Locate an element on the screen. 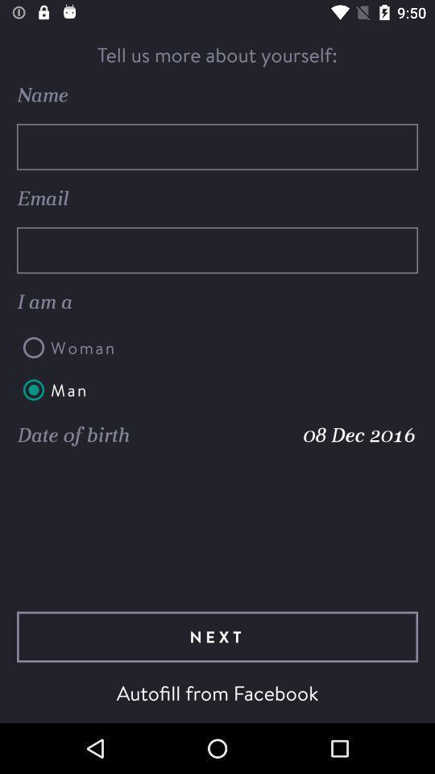  item above the email icon is located at coordinates (217, 147).